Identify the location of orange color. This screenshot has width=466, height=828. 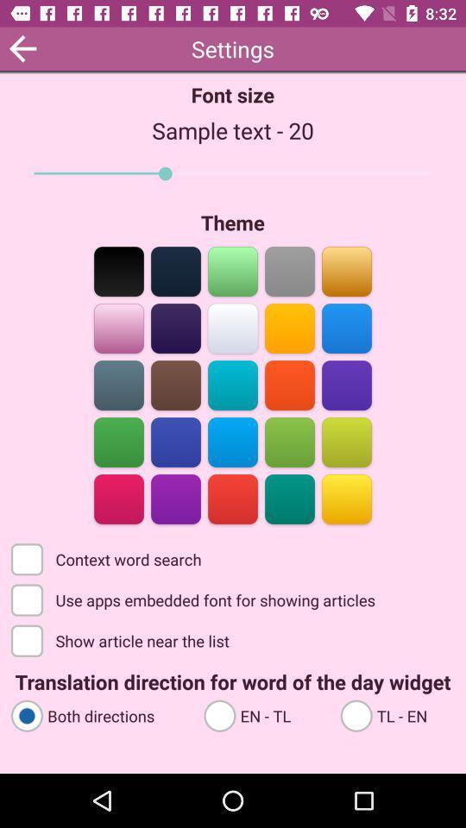
(289, 384).